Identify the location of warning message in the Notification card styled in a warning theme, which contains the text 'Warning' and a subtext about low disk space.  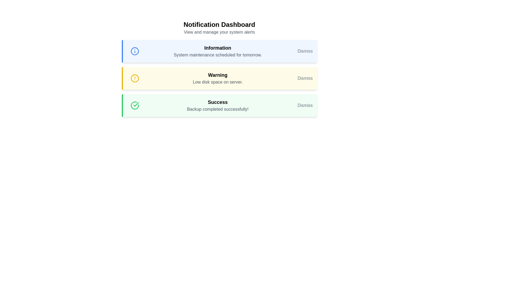
(219, 78).